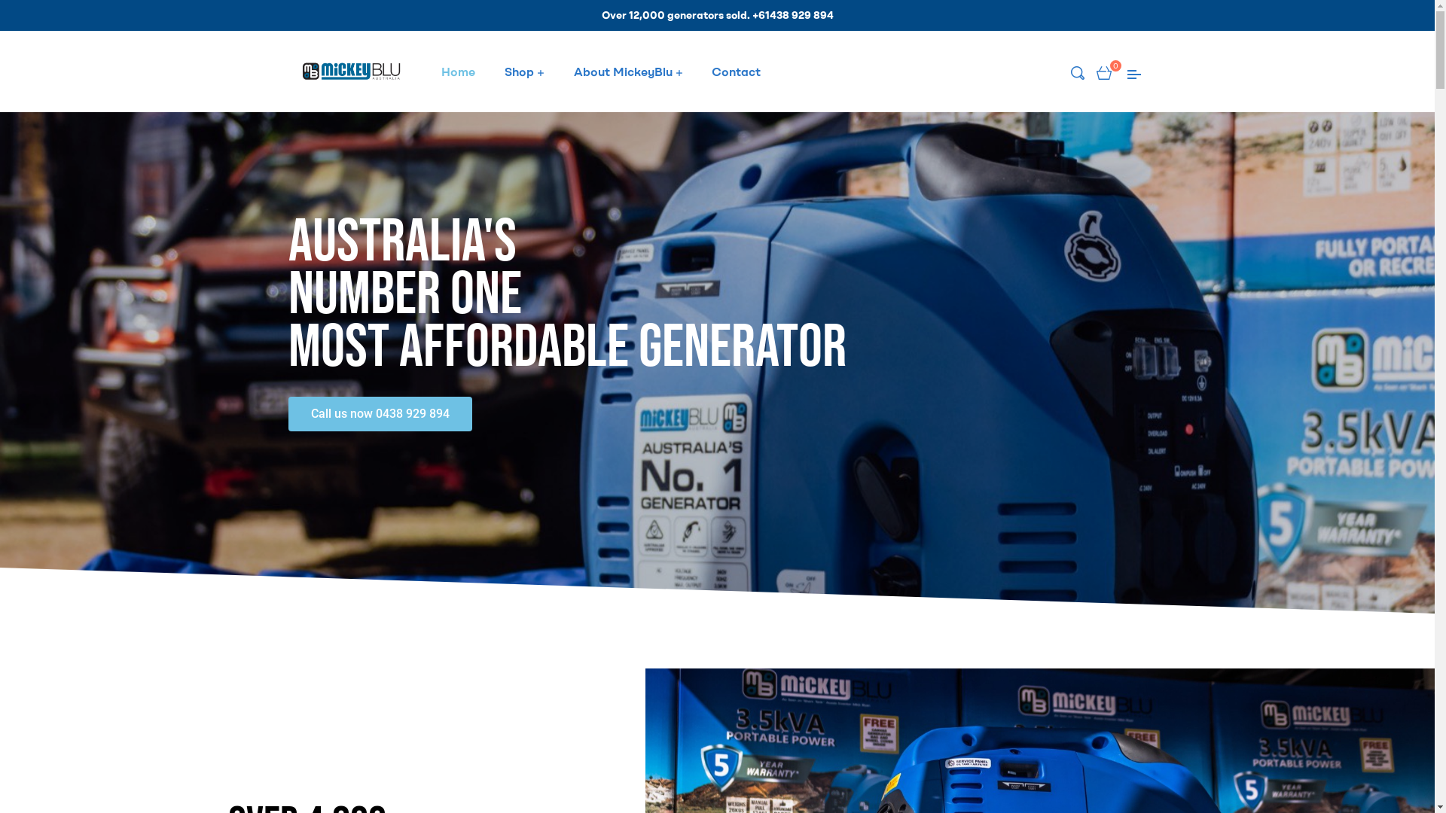 The width and height of the screenshot is (1446, 813). What do you see at coordinates (560, 72) in the screenshot?
I see `'About MickeyBlu'` at bounding box center [560, 72].